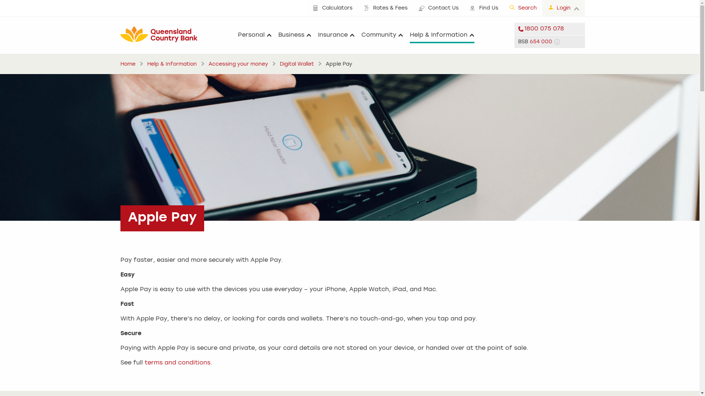 The width and height of the screenshot is (705, 396). Describe the element at coordinates (278, 35) in the screenshot. I see `'Business'` at that location.